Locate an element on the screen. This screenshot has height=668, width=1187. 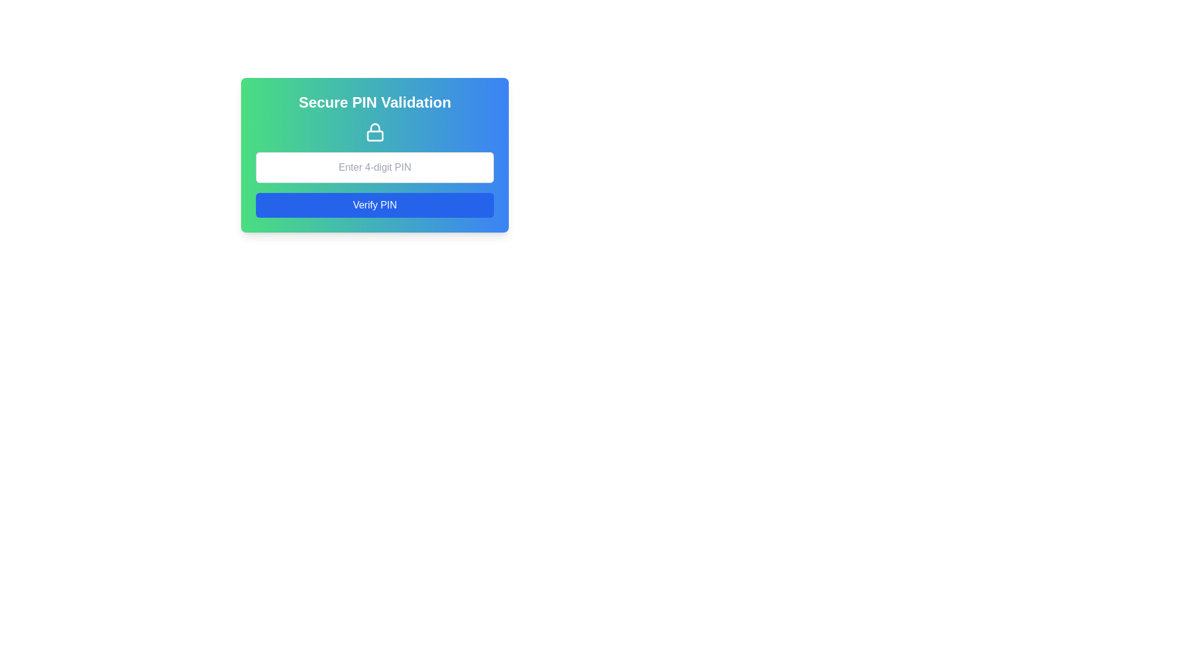
the decorative lower part of the padlock icon, which is part of the lock icon above the 'Enter 4-digit PIN' text input field is located at coordinates (374, 135).